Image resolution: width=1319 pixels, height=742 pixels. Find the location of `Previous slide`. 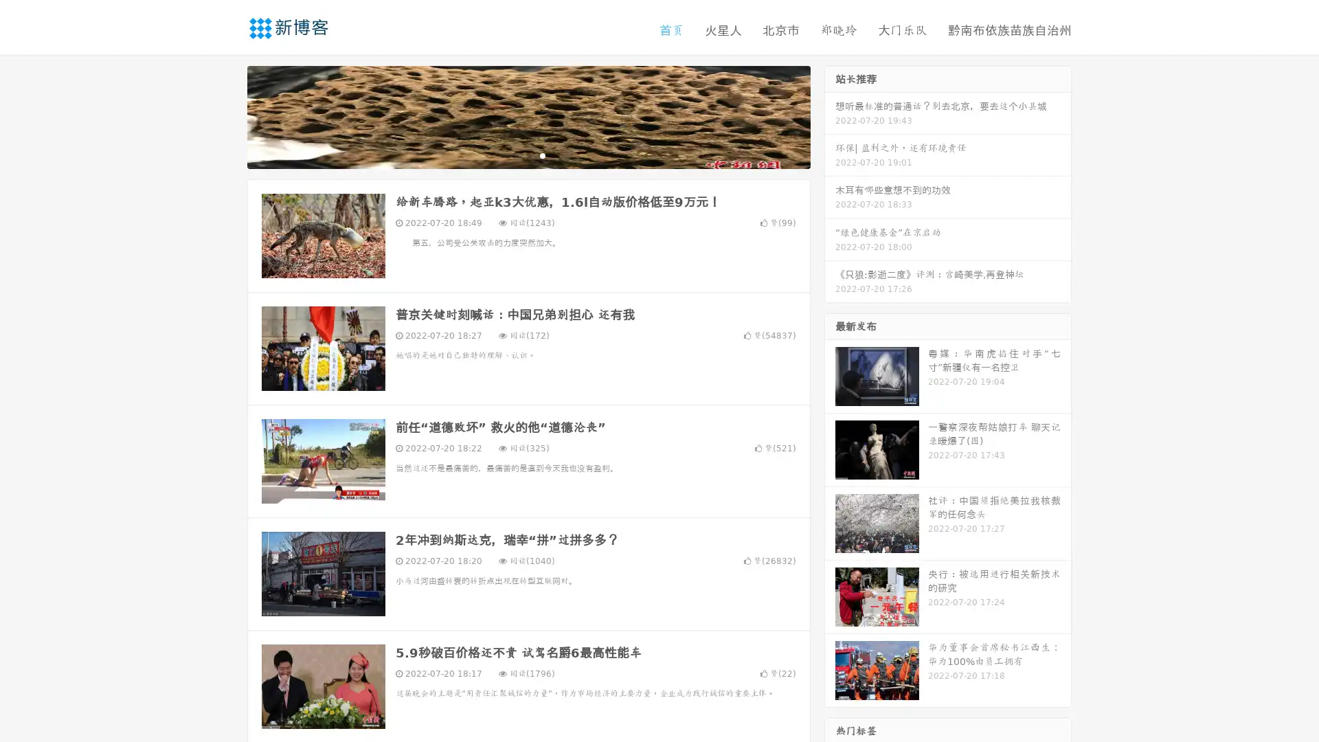

Previous slide is located at coordinates (227, 115).